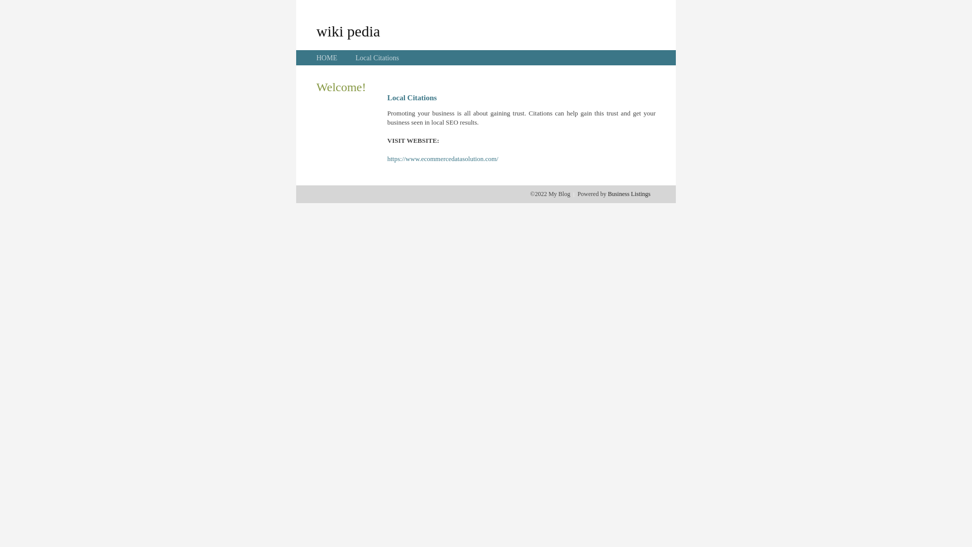  What do you see at coordinates (327, 58) in the screenshot?
I see `'HOME'` at bounding box center [327, 58].